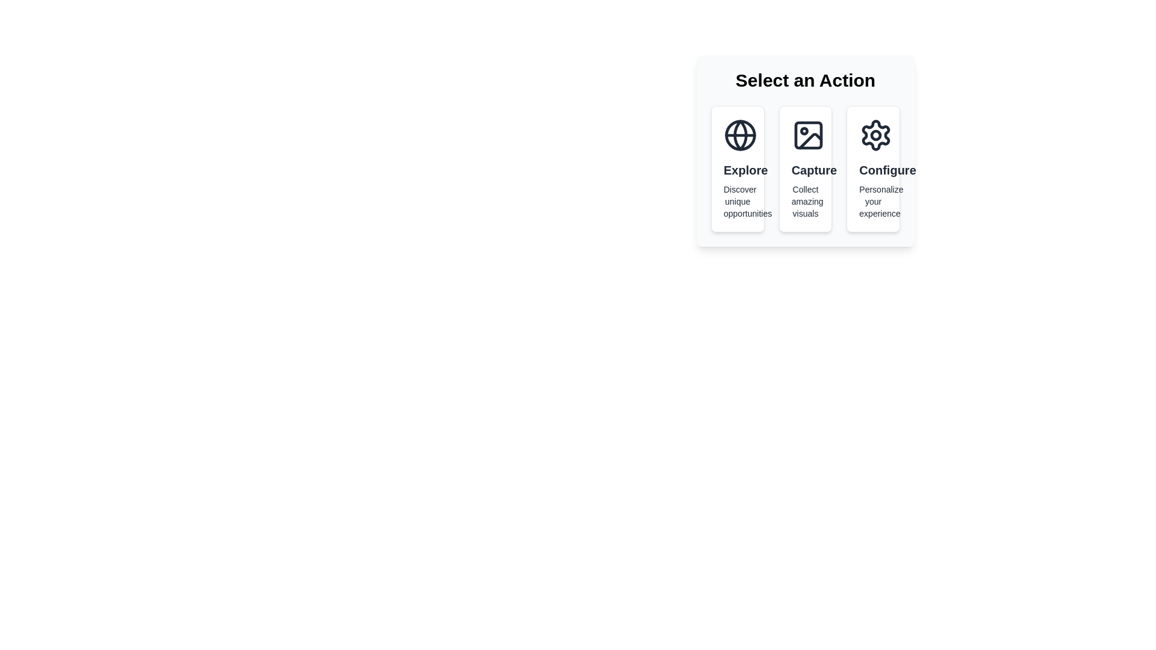 The image size is (1156, 650). I want to click on the 'Capture' option card in the action selector interface, which is centrally located within the 'Select an Action' panel, so click(806, 169).